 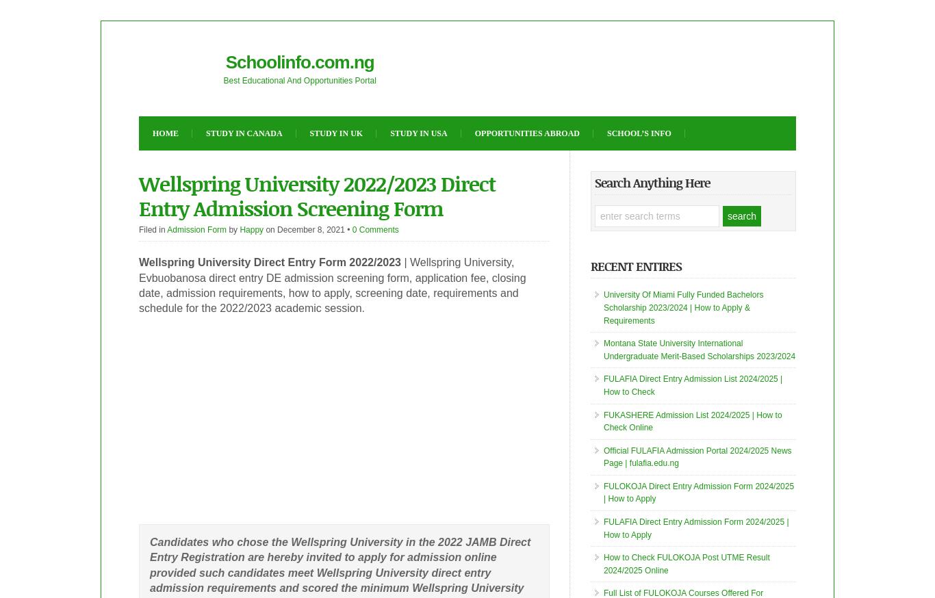 I want to click on 'STUDY IN CANADA', so click(x=206, y=132).